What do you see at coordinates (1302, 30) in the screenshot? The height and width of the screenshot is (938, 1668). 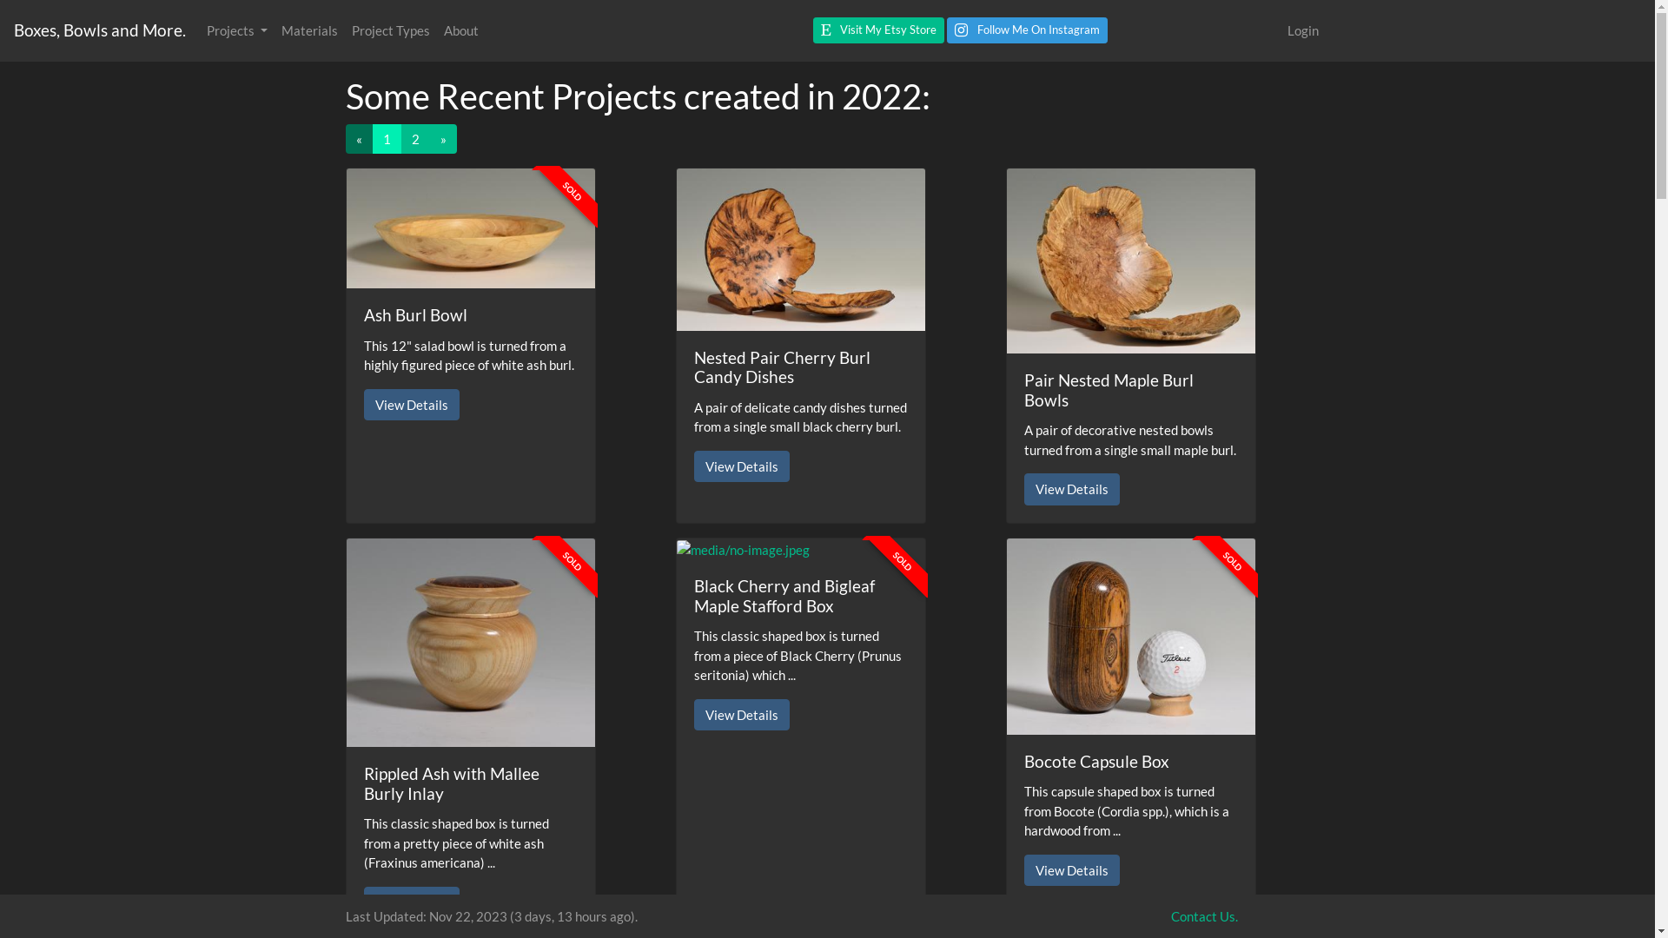 I see `'Login'` at bounding box center [1302, 30].